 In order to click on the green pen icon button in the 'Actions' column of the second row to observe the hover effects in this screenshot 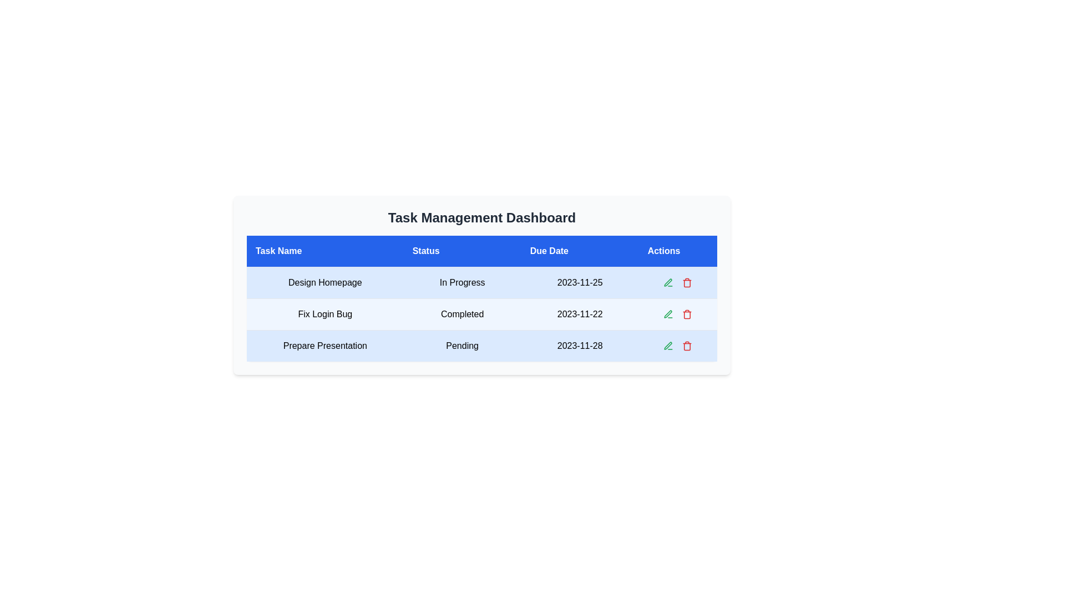, I will do `click(668, 282)`.